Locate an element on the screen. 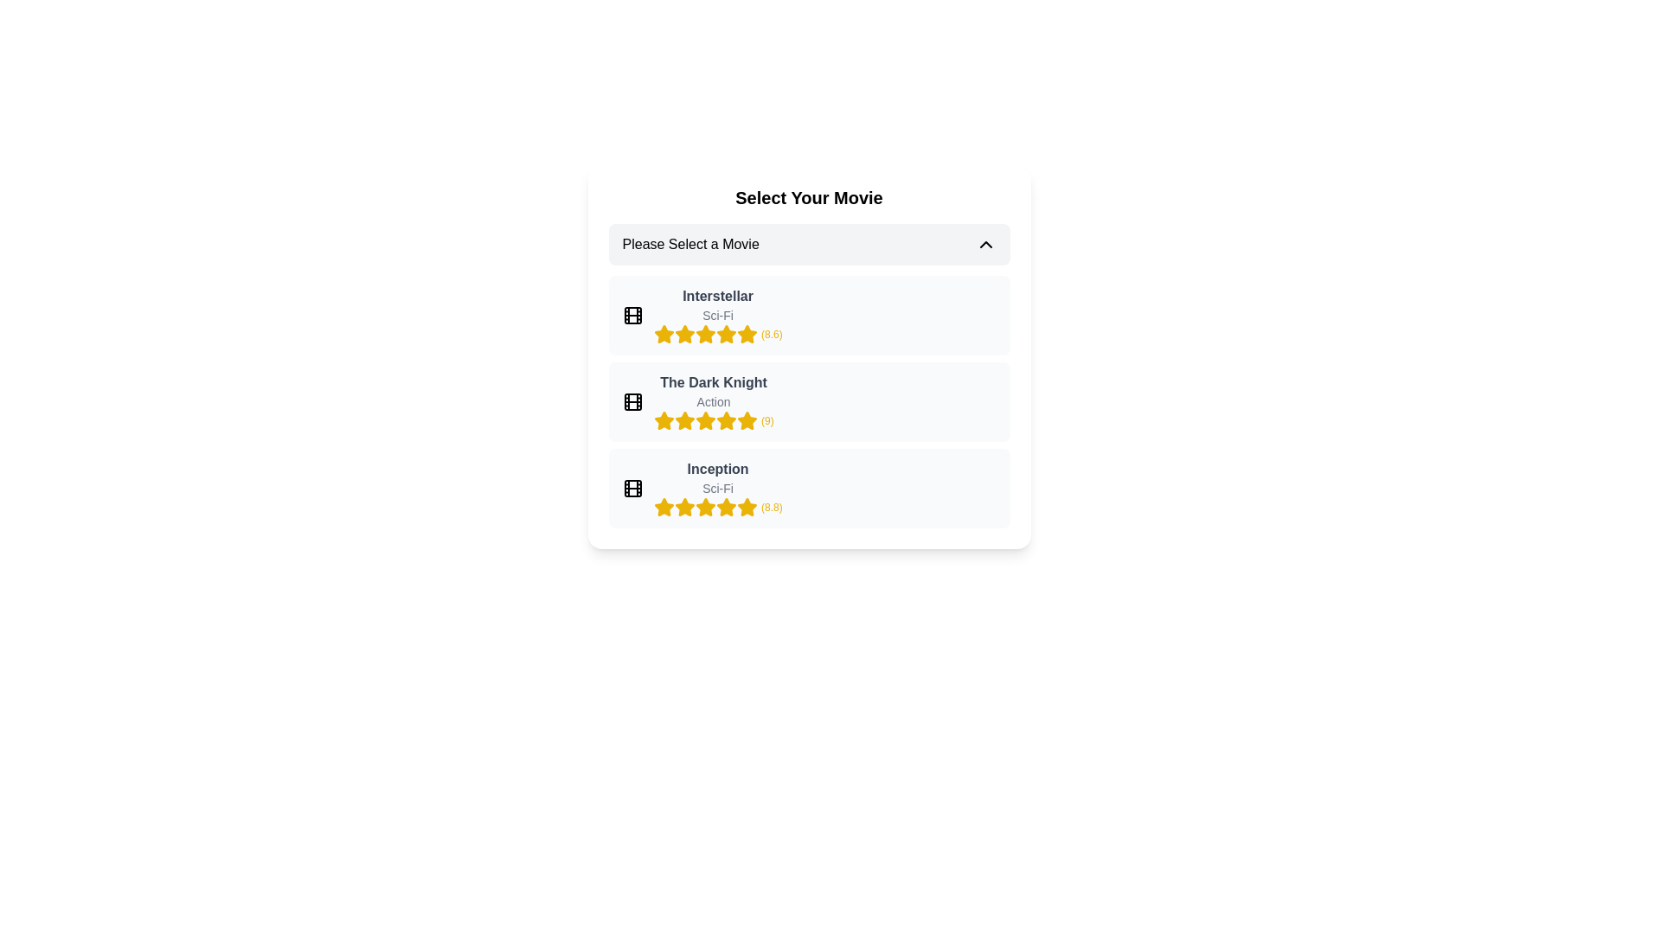  the small text component displaying '(9)', which is located immediately to the right of the yellow stars in the second movie rating row titled 'The Dark Knight' is located at coordinates (766, 420).